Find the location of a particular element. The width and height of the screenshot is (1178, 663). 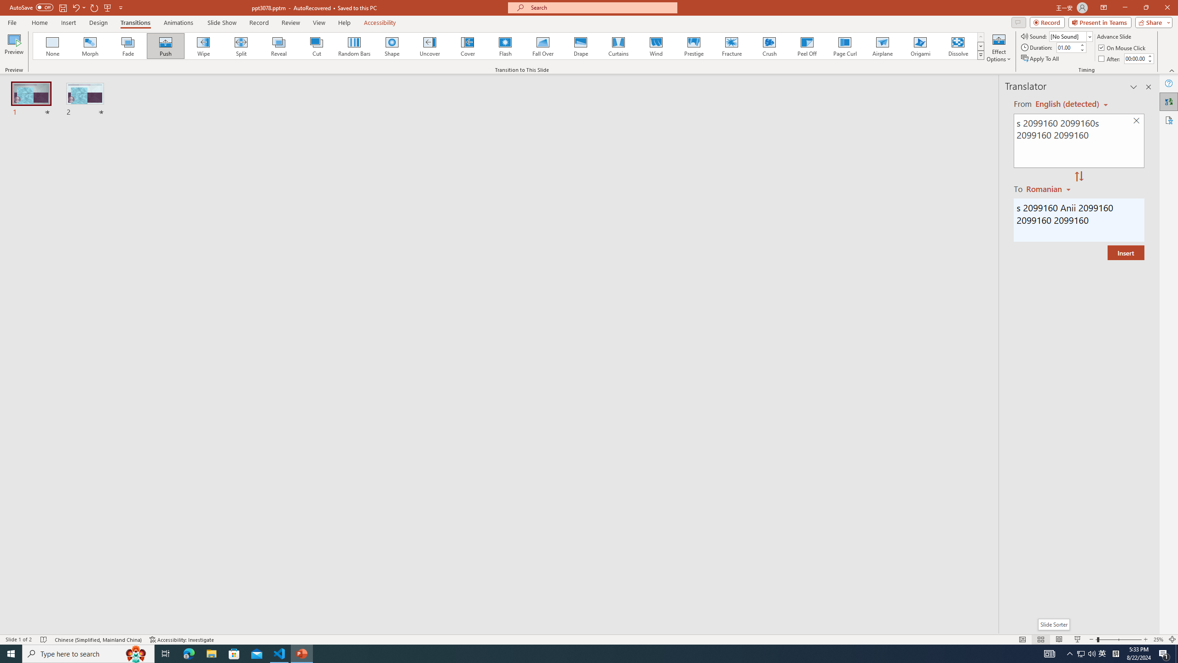

'Dissolve' is located at coordinates (957, 46).